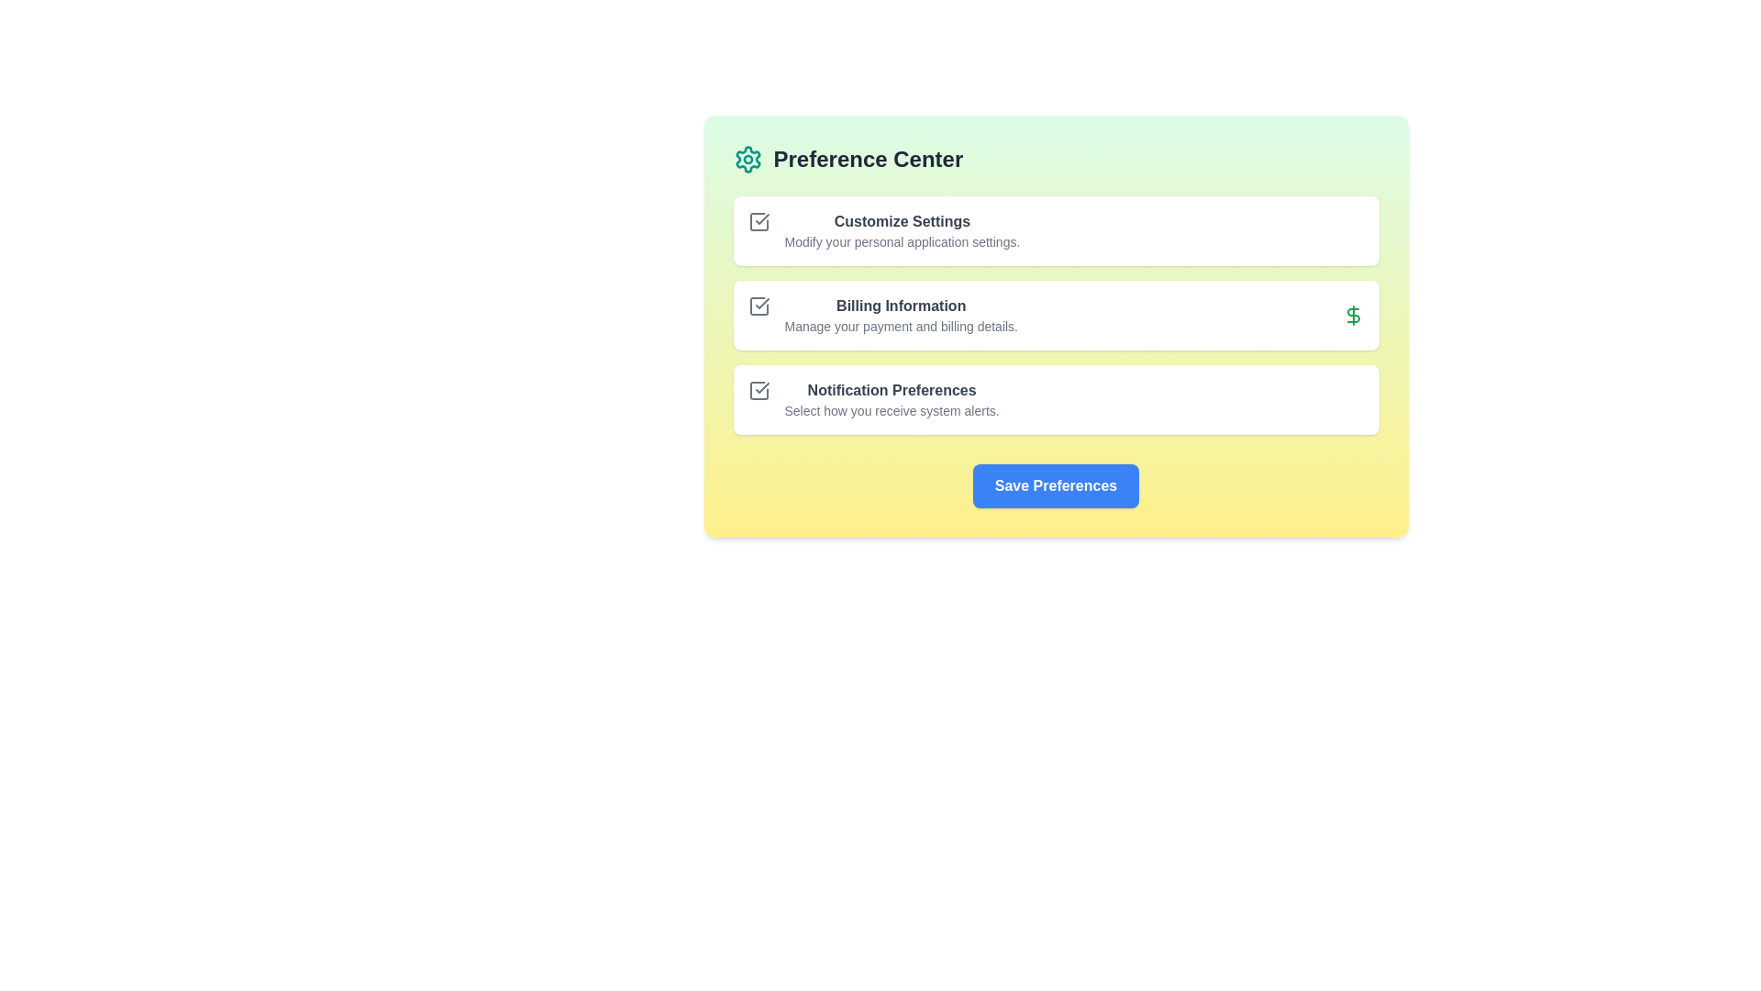 This screenshot has width=1761, height=991. I want to click on the settings icon located in the header area of the interface panel, adjacent to the 'Preference Center' label, so click(748, 158).